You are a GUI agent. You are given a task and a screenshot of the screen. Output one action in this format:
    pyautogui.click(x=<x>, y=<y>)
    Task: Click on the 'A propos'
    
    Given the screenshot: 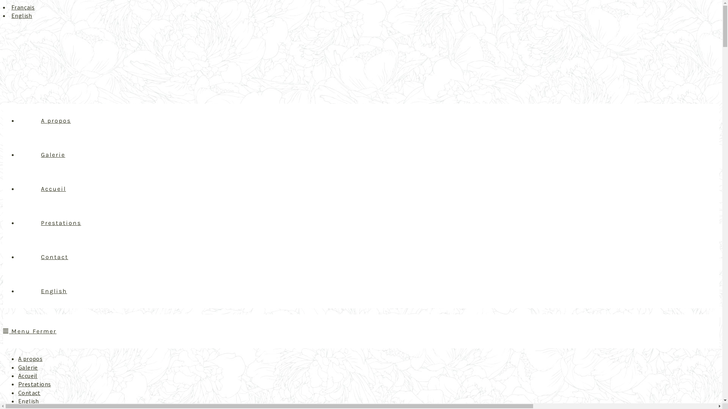 What is the action you would take?
    pyautogui.click(x=30, y=358)
    